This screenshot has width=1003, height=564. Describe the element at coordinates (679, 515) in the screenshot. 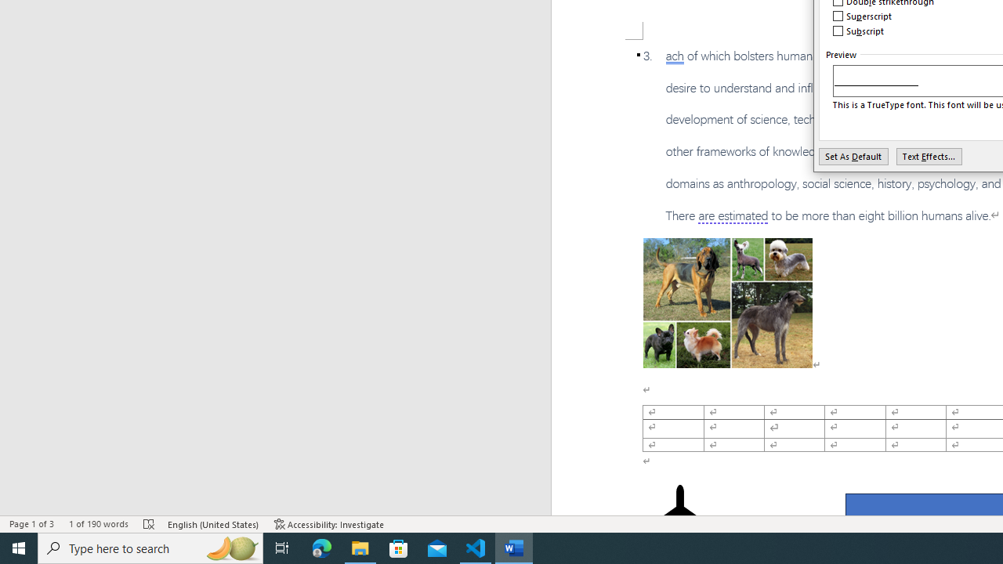

I see `'Airplane with solid fill'` at that location.